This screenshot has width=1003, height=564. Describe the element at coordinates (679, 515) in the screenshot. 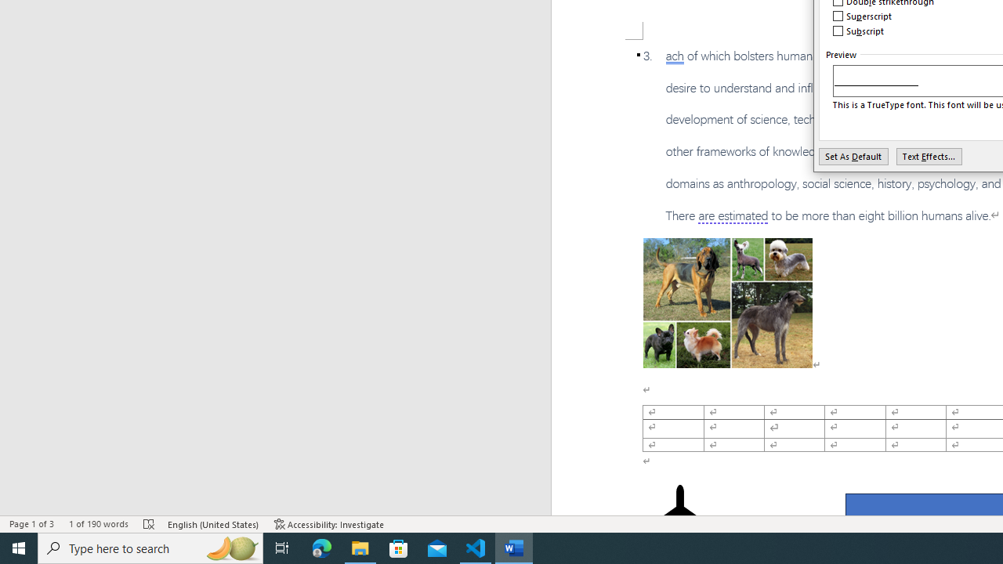

I see `'Airplane with solid fill'` at that location.